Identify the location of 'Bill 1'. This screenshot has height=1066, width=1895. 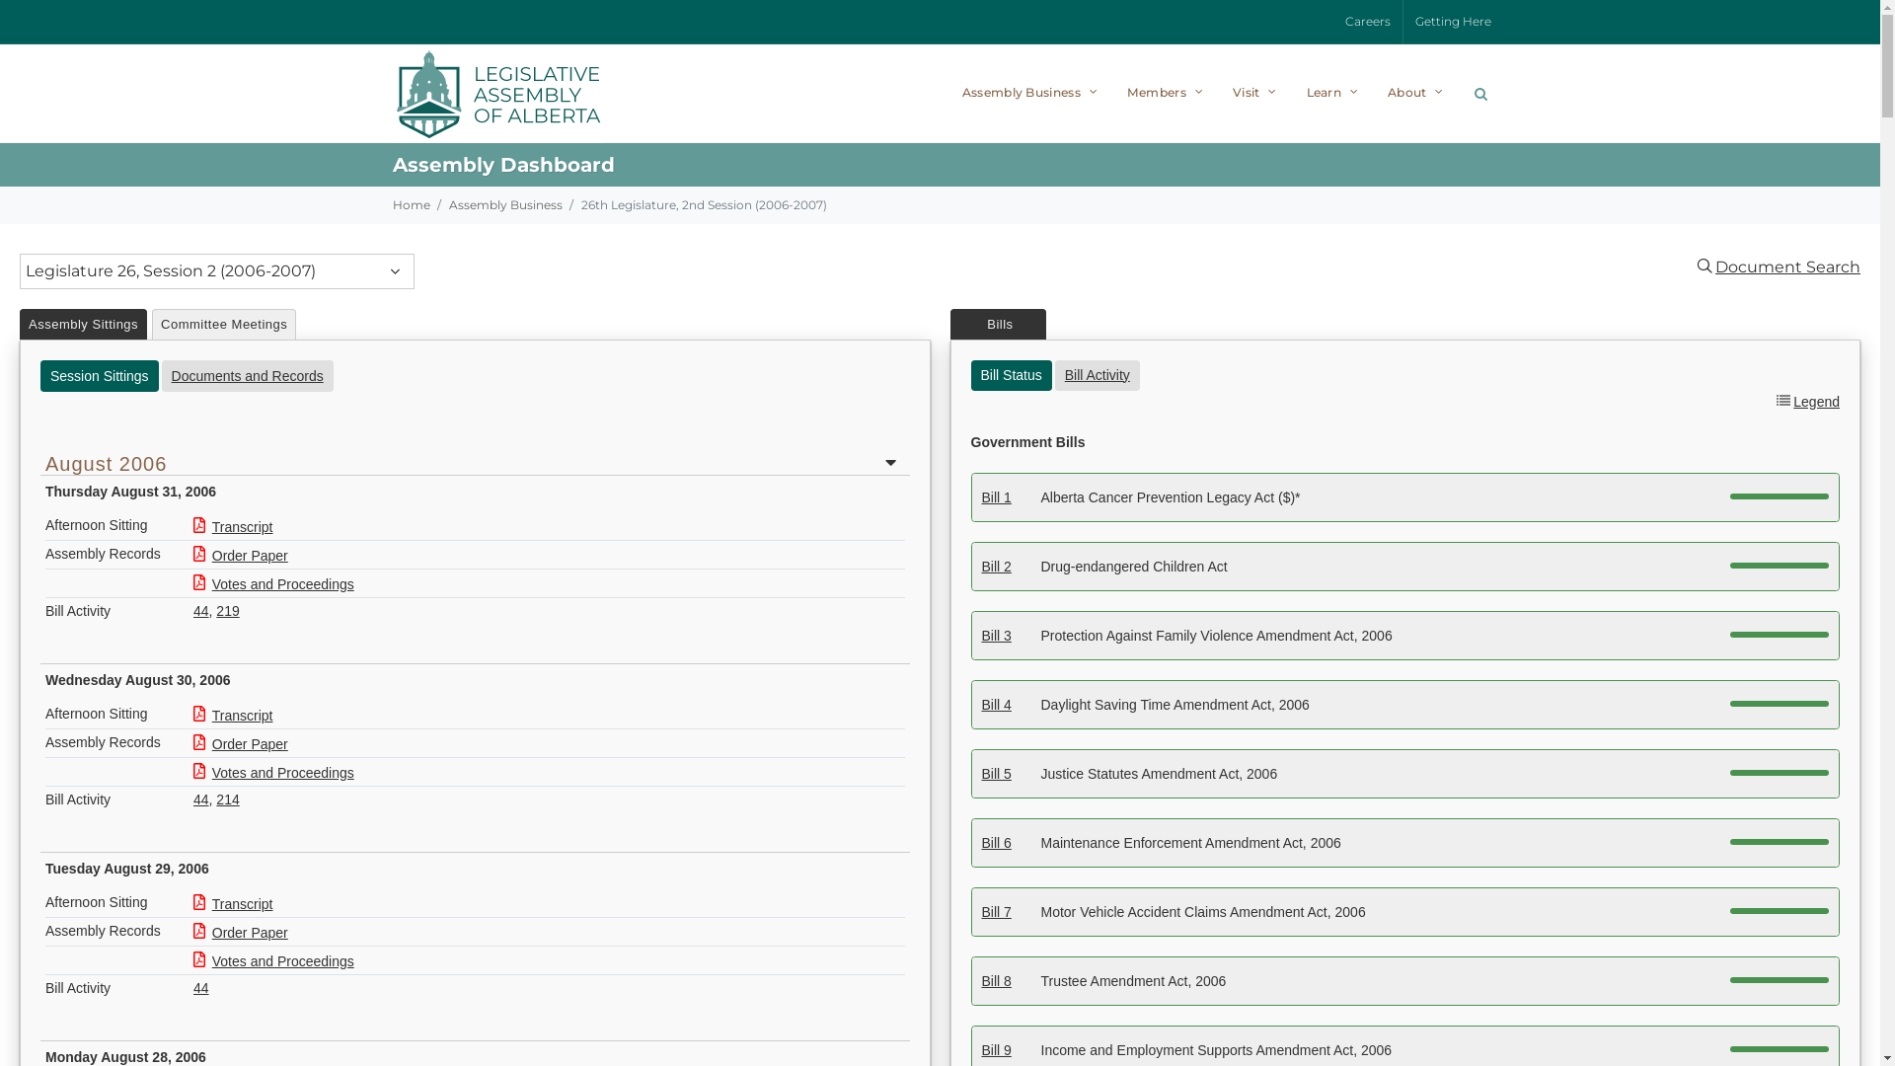
(995, 496).